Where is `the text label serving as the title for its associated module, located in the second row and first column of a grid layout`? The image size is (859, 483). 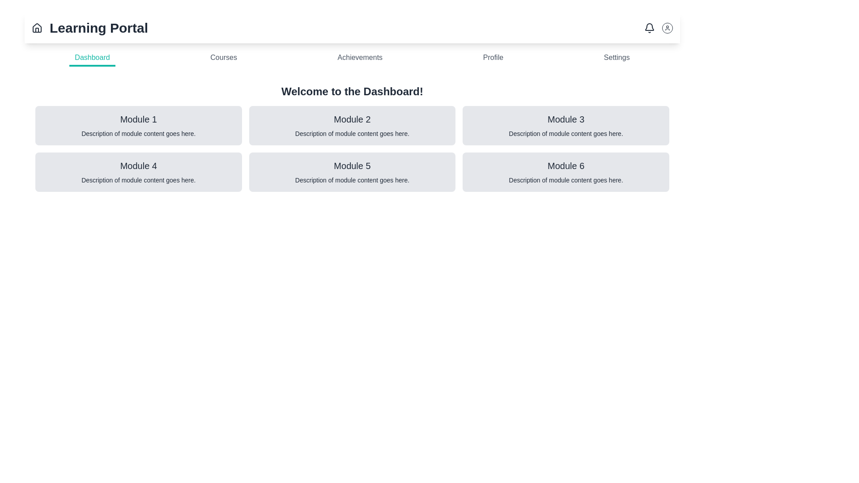 the text label serving as the title for its associated module, located in the second row and first column of a grid layout is located at coordinates (138, 165).